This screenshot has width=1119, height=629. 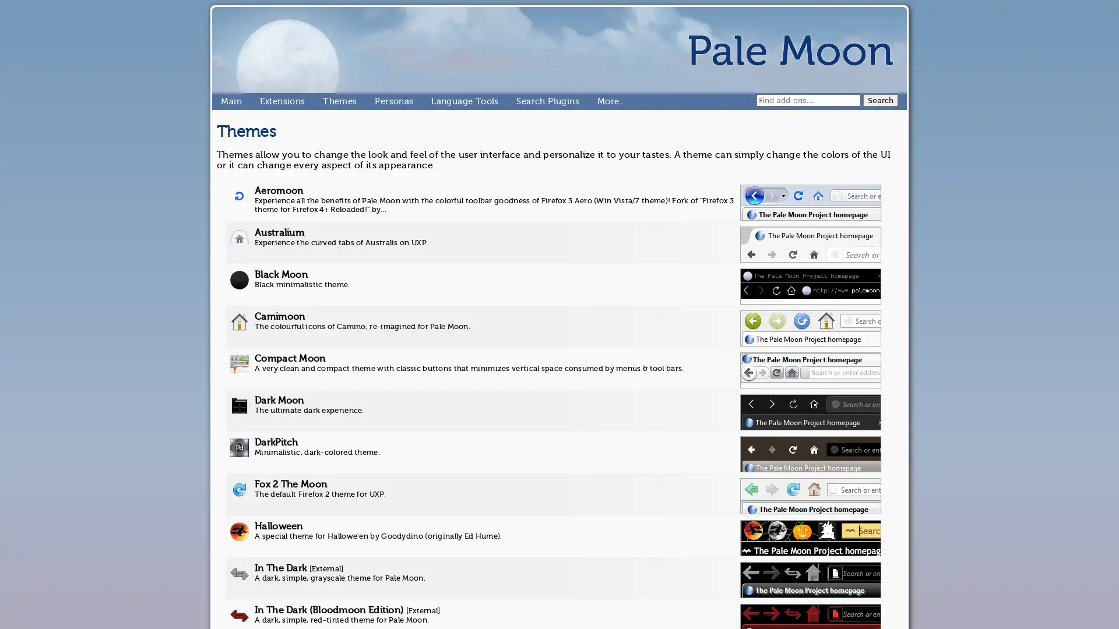 I want to click on Search, so click(x=881, y=100).